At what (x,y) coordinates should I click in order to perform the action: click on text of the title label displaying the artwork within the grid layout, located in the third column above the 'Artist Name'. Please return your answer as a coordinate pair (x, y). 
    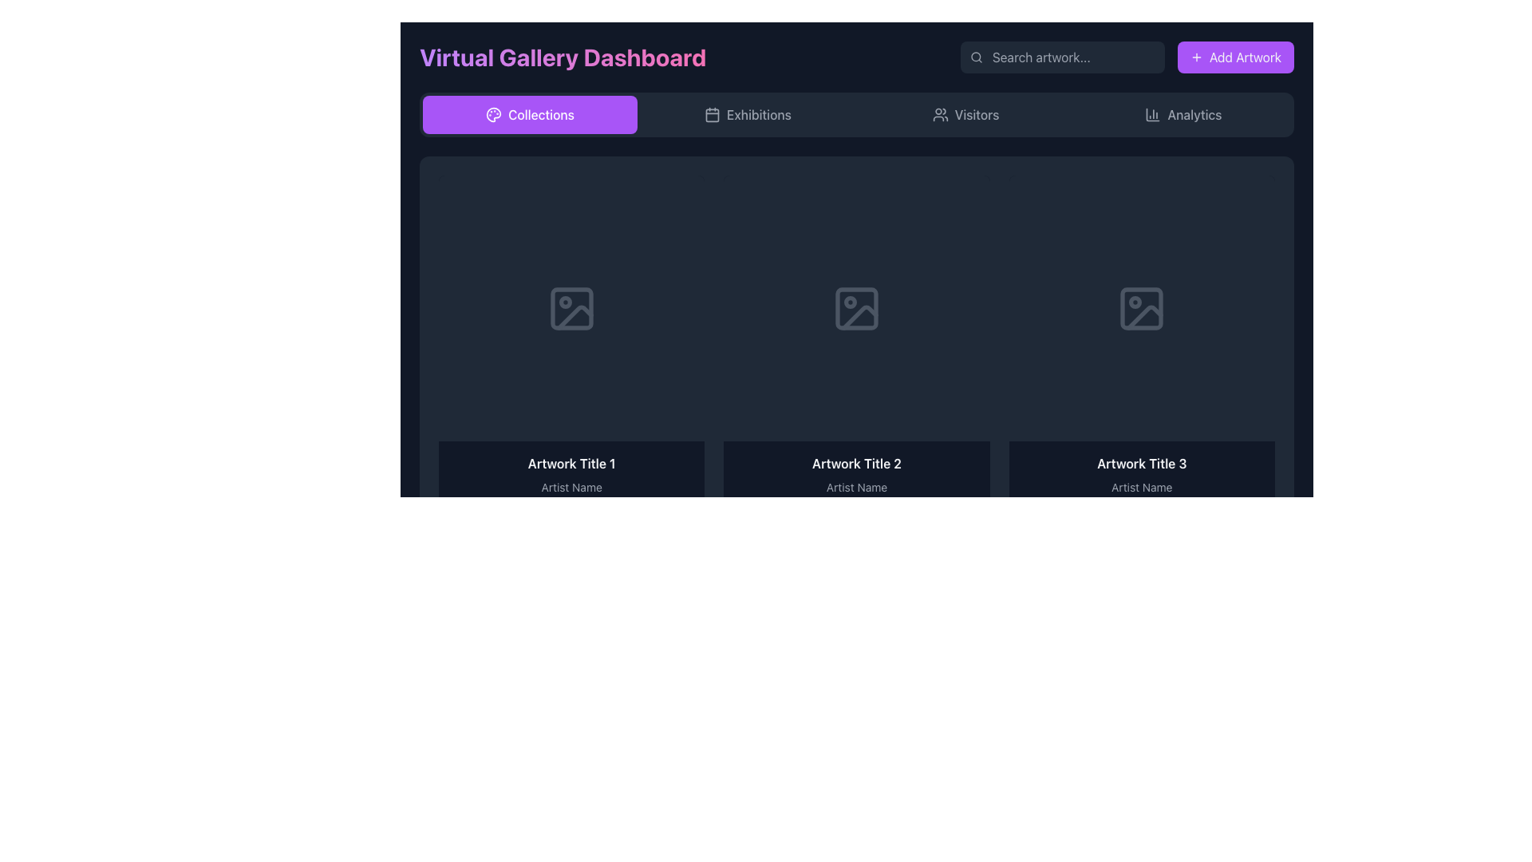
    Looking at the image, I should click on (1141, 464).